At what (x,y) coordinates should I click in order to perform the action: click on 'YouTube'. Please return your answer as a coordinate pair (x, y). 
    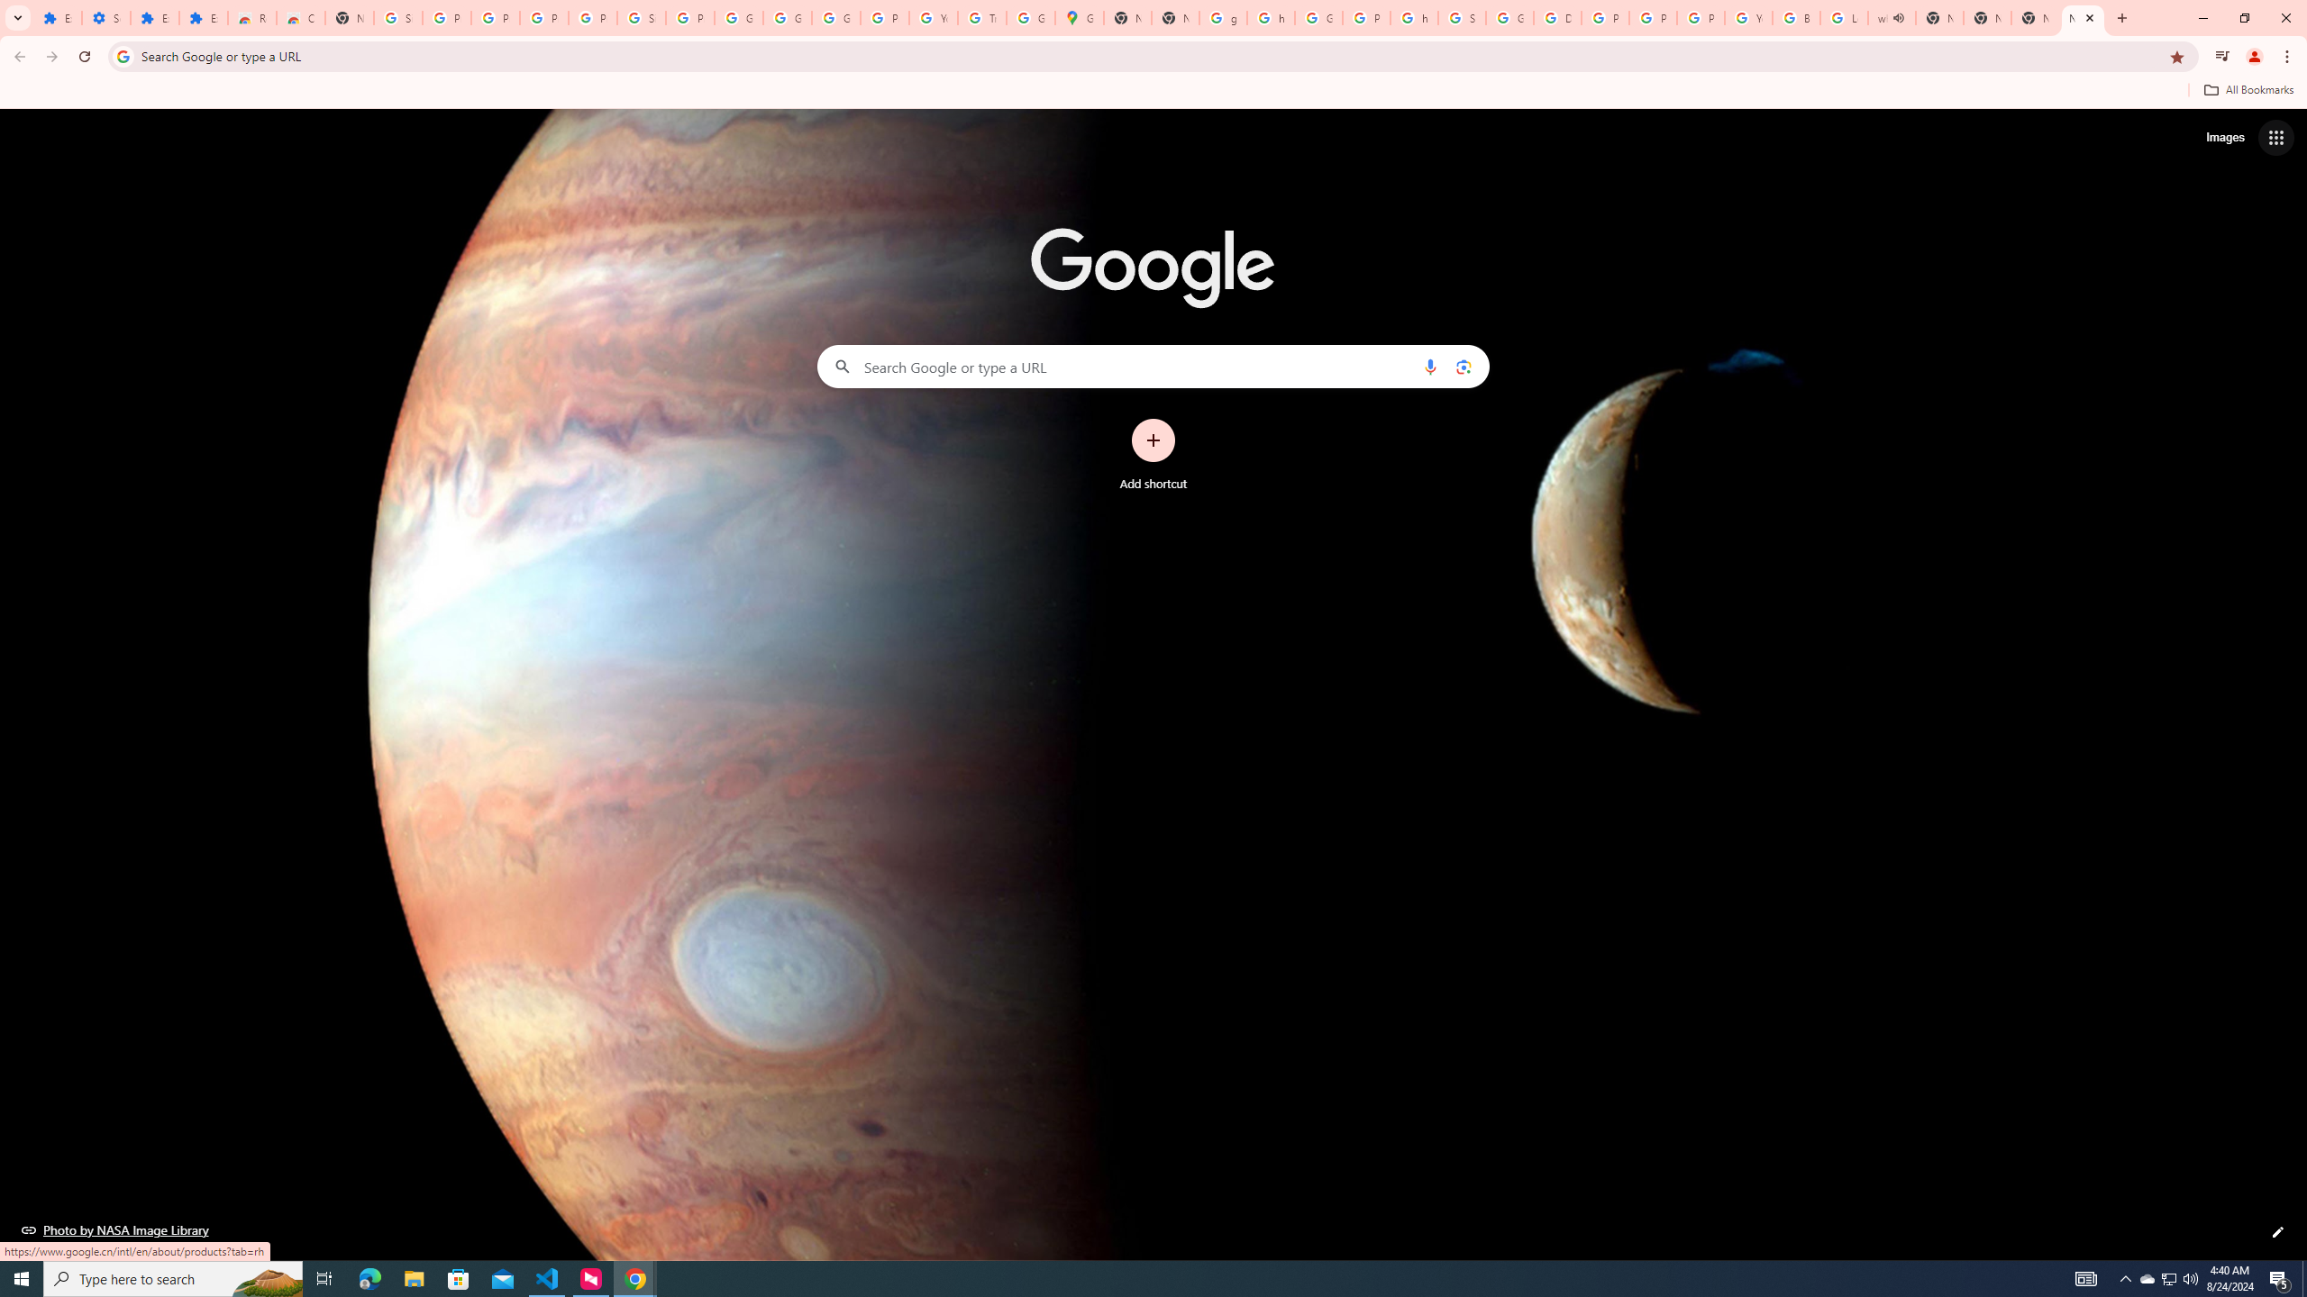
    Looking at the image, I should click on (933, 17).